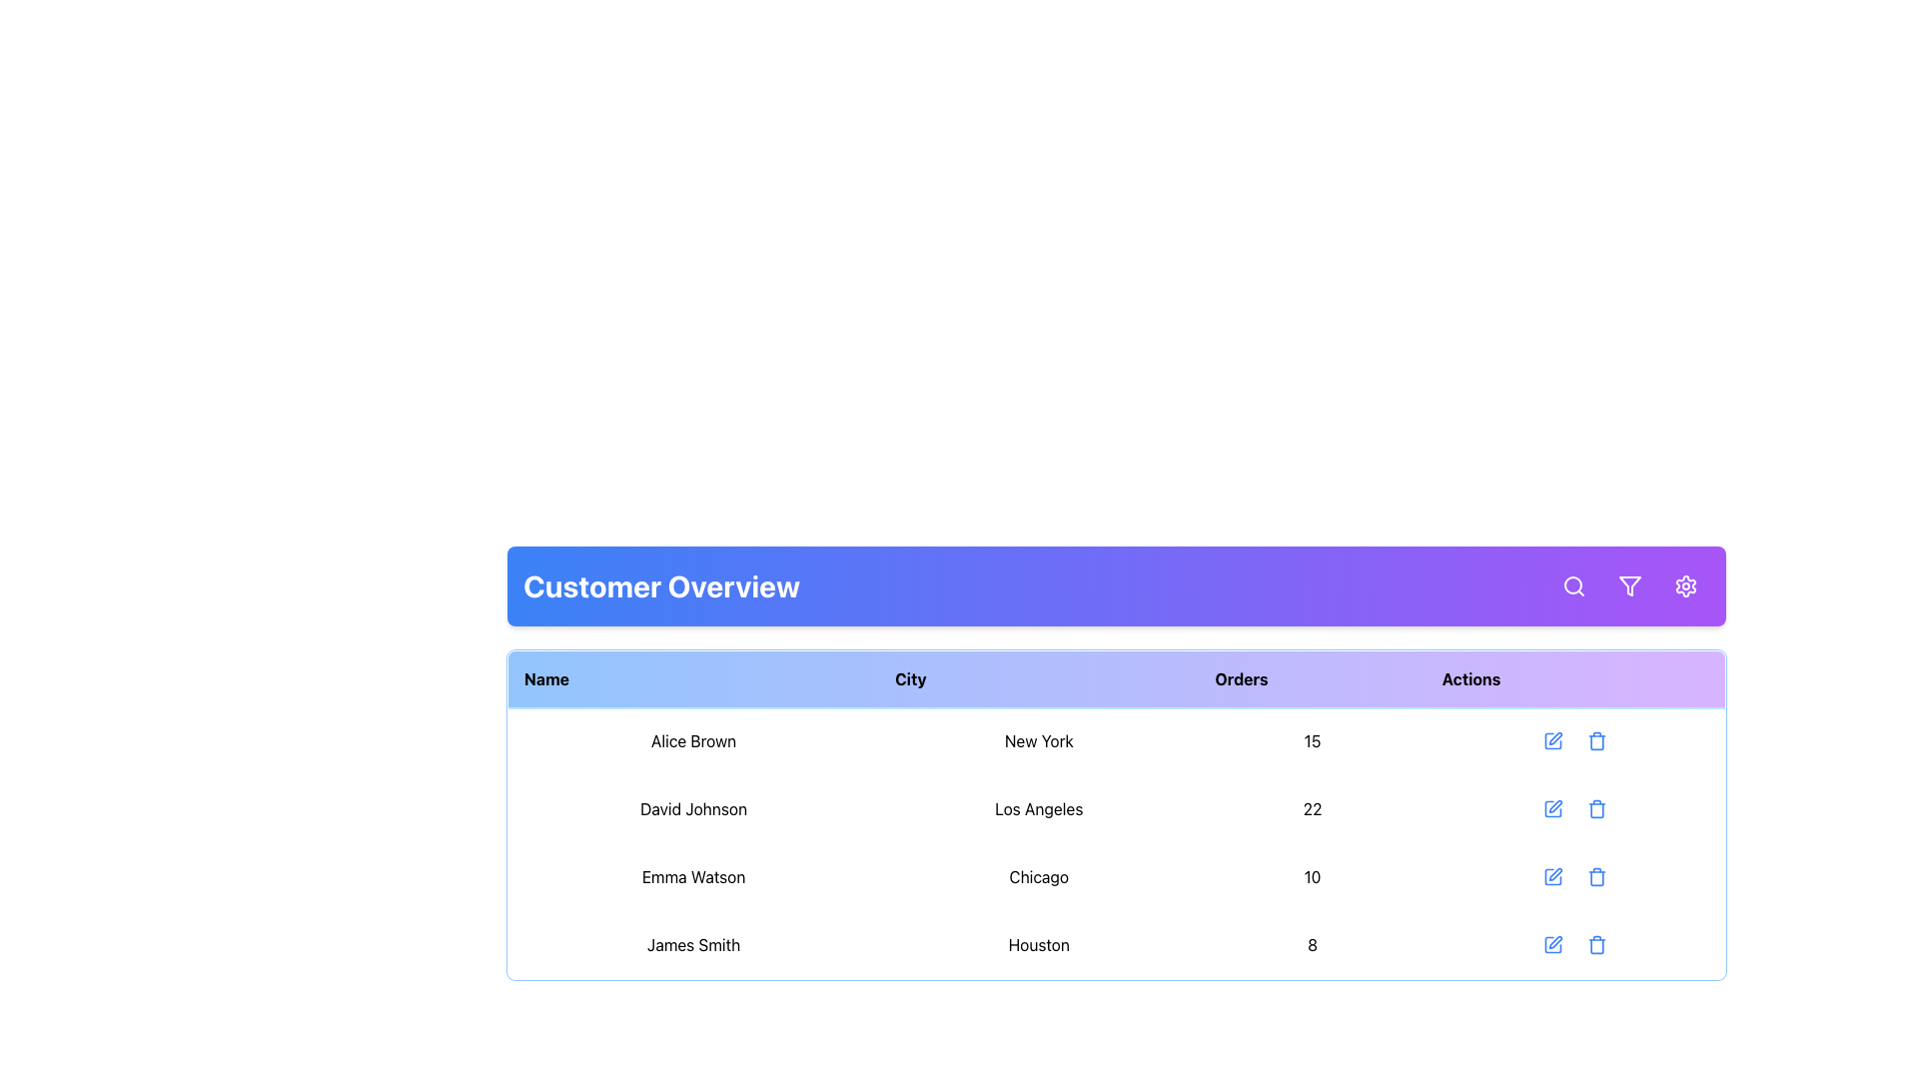 Image resolution: width=1918 pixels, height=1079 pixels. Describe the element at coordinates (1596, 944) in the screenshot. I see `the blue trash icon in the last row of the 'Actions' column for the 'James Smith' entry` at that location.